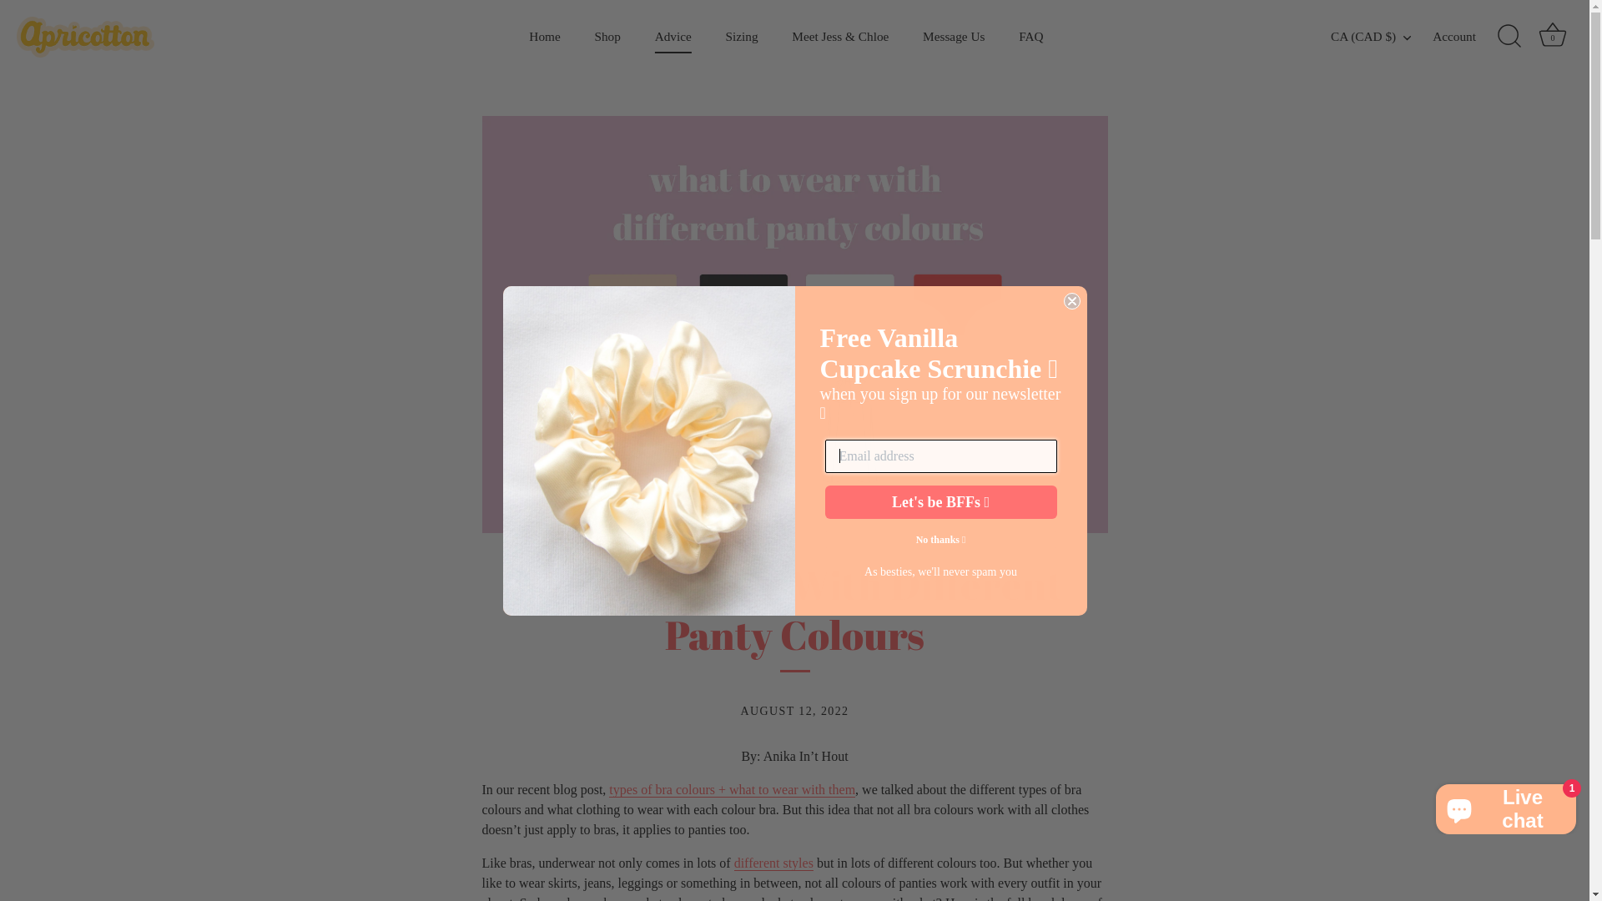 Image resolution: width=1602 pixels, height=901 pixels. I want to click on 'Basket, so click(1552, 36).